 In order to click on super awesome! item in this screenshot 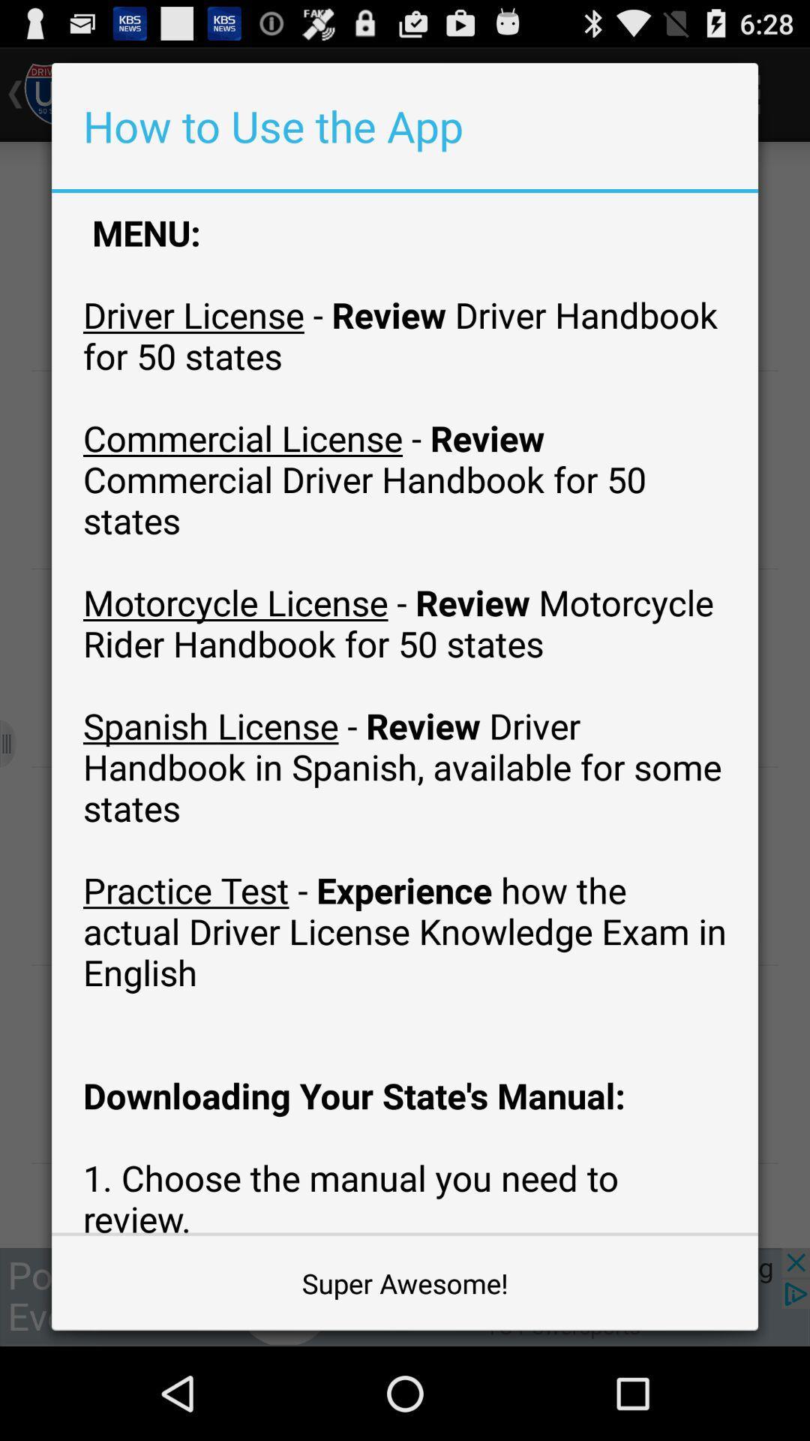, I will do `click(405, 1282)`.